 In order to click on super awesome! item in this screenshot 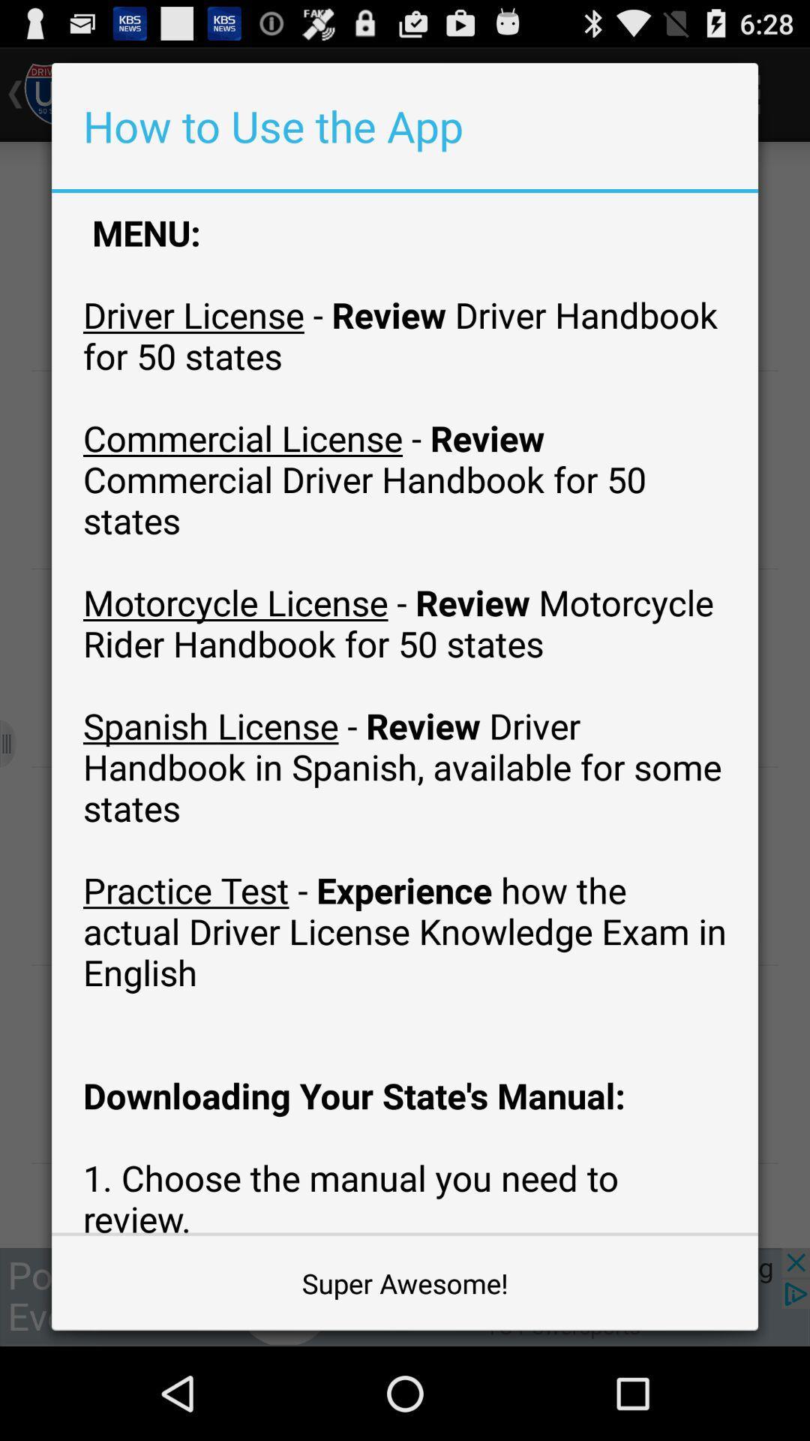, I will do `click(405, 1282)`.